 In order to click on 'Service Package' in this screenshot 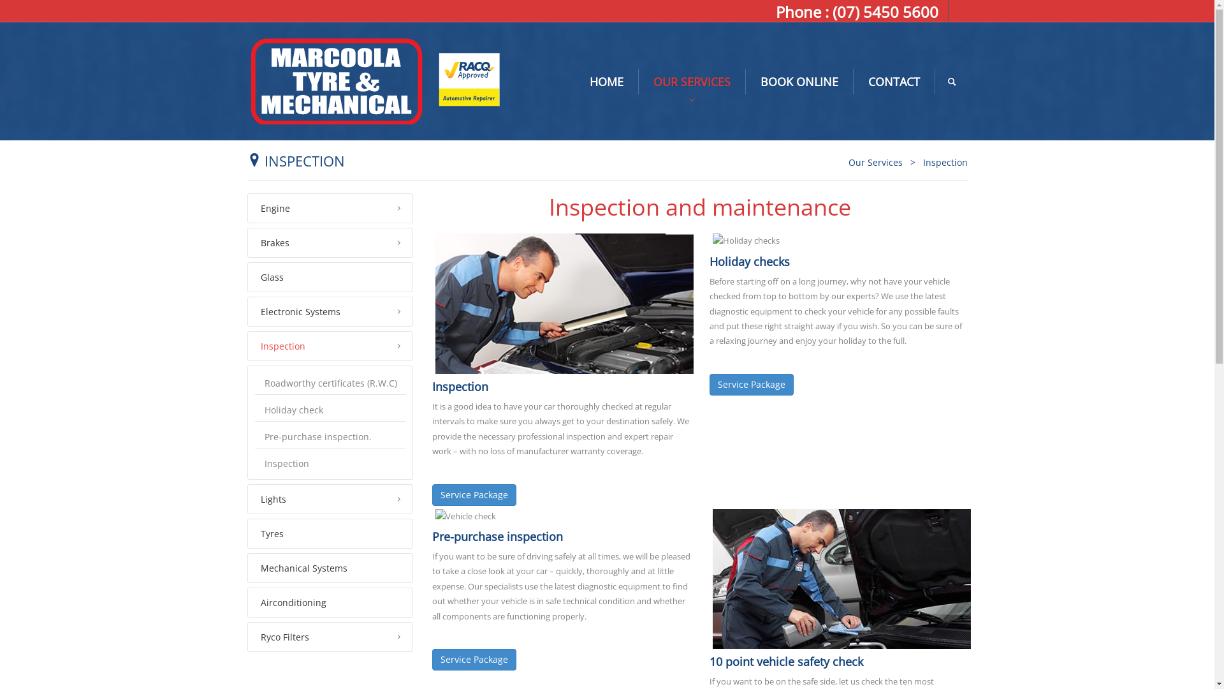, I will do `click(474, 494)`.